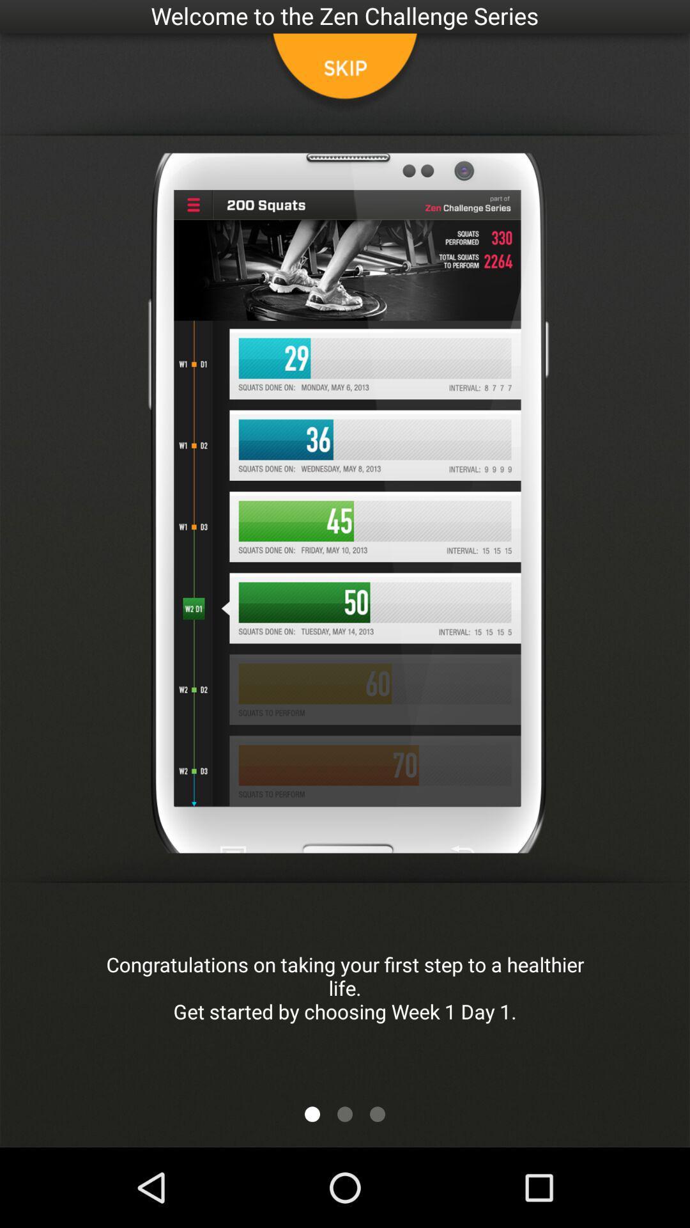  Describe the element at coordinates (345, 1114) in the screenshot. I see `the item below the congratulations on taking app` at that location.